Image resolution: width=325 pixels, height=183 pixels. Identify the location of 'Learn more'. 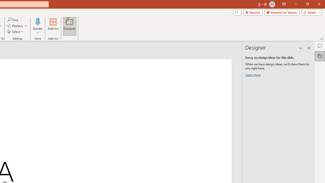
(254, 76).